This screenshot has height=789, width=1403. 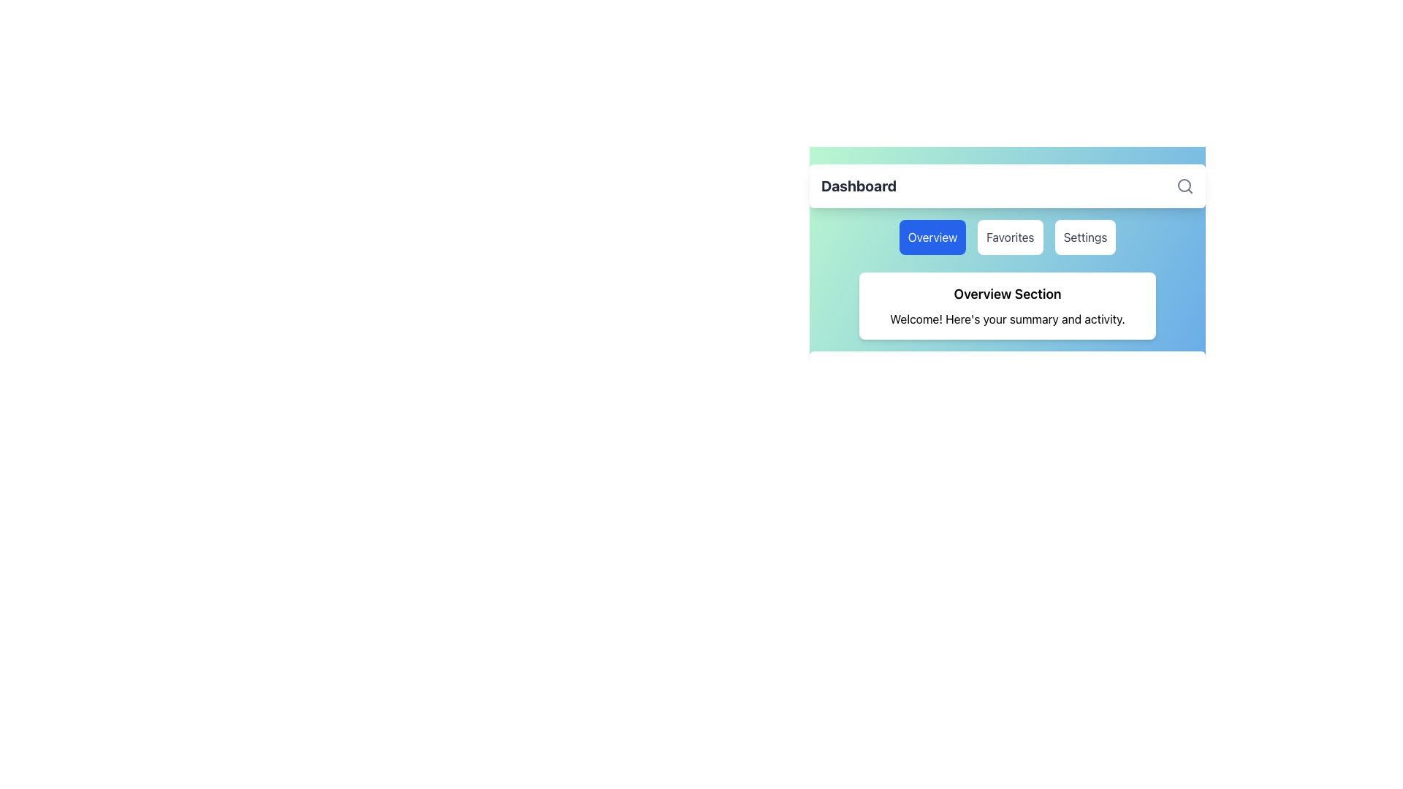 What do you see at coordinates (1085, 236) in the screenshot?
I see `the 'Settings' button, which is a rectangular button with rounded corners and a white background, located in the upper-right region of the interface` at bounding box center [1085, 236].